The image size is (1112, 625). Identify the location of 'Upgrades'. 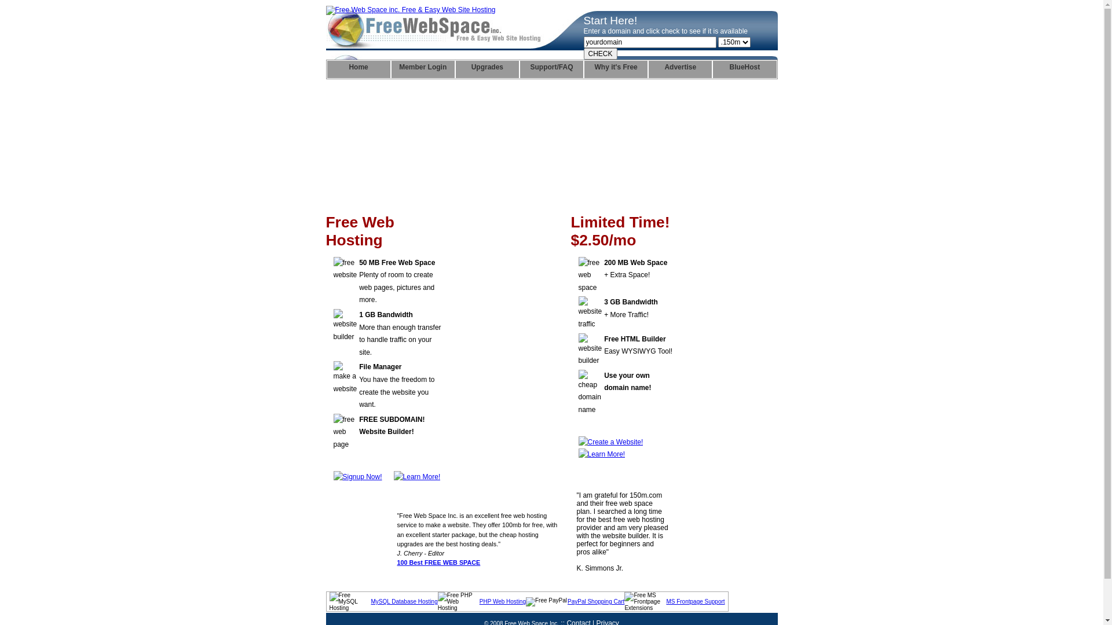
(487, 69).